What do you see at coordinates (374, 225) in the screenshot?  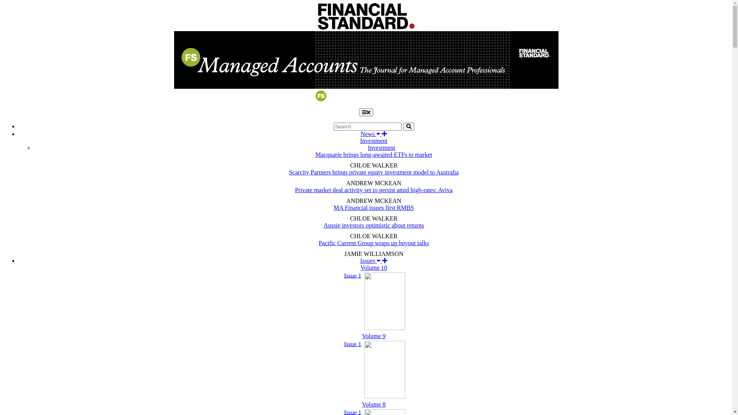 I see `'Aussie investors optimistic about returns'` at bounding box center [374, 225].